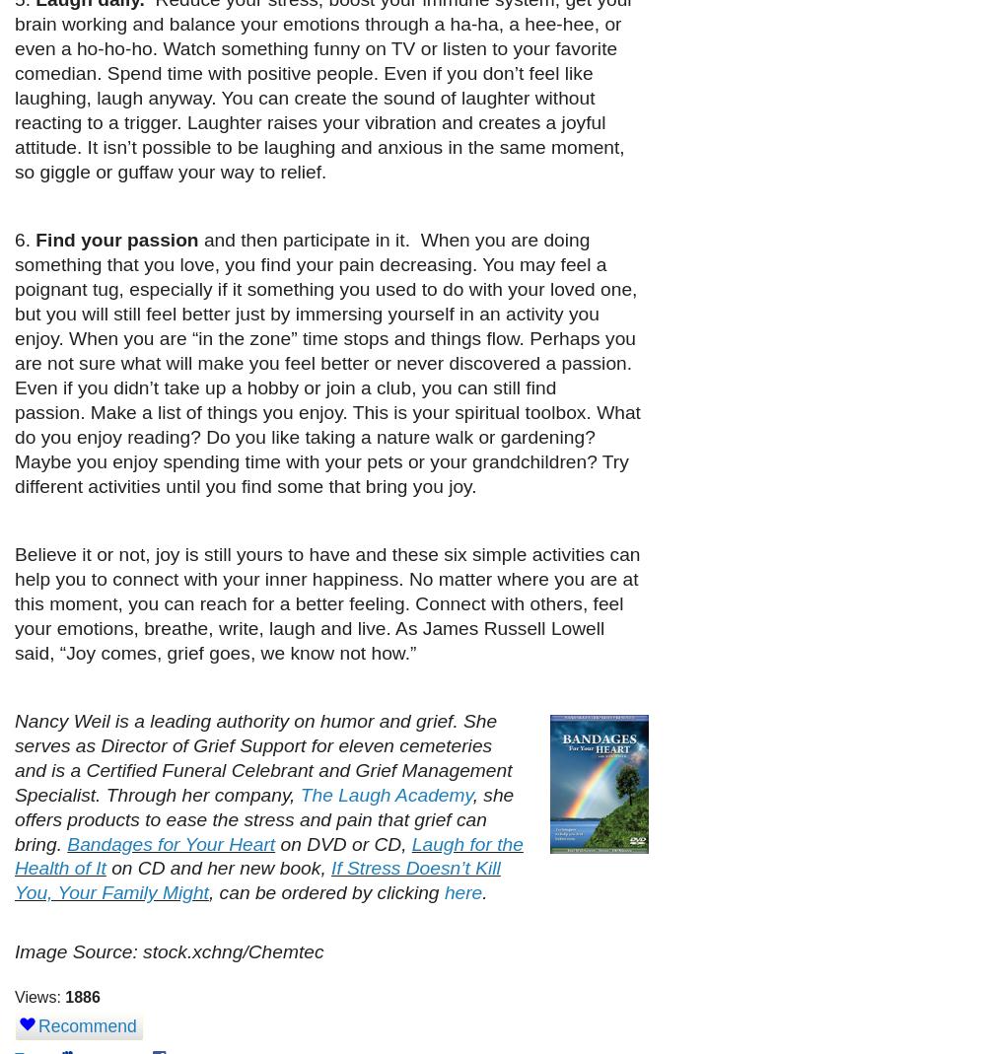 Image resolution: width=988 pixels, height=1054 pixels. Describe the element at coordinates (325, 602) in the screenshot. I see `'Believe it or not, joy is still yours to have and these six simple activities can help you to connect with your inner happiness. No matter where you are at this moment, you can reach for a better feeling. Connect with others, feel your emotions, breathe, write, laugh and live. As James Russell Lowell said, “Joy comes, grief goes, we know not how.”'` at that location.